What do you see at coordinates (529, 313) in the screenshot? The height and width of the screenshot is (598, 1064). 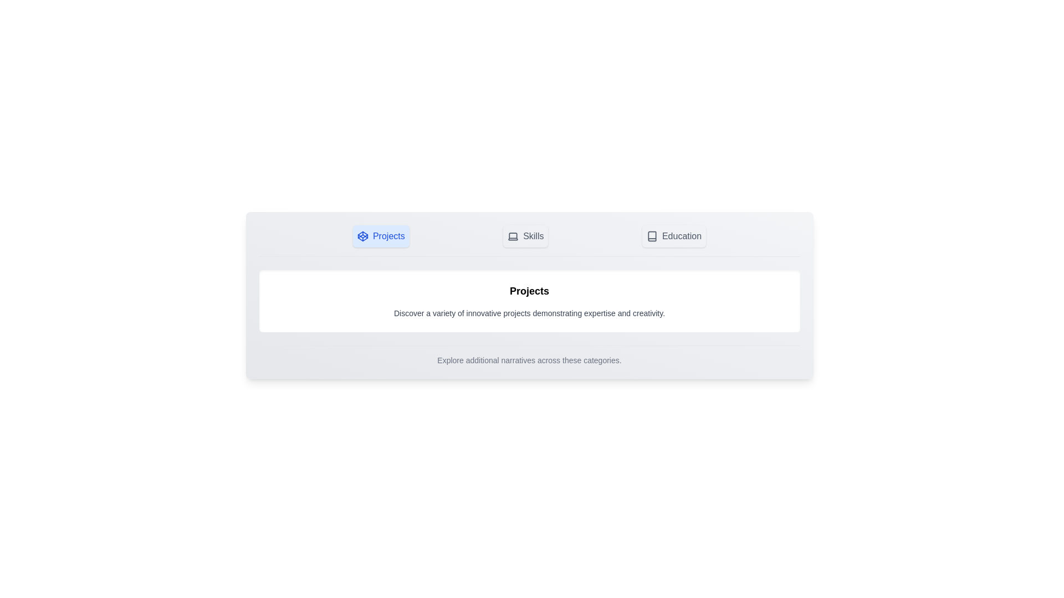 I see `text description located in the 'Projects' section, which is presented in a white card-like area below the heading 'Projects.'` at bounding box center [529, 313].